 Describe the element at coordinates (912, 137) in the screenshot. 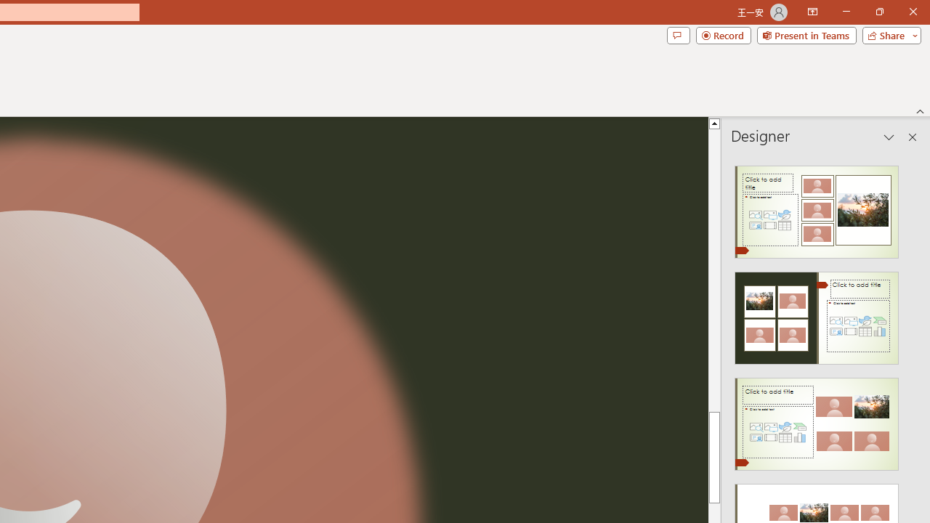

I see `'Close pane'` at that location.